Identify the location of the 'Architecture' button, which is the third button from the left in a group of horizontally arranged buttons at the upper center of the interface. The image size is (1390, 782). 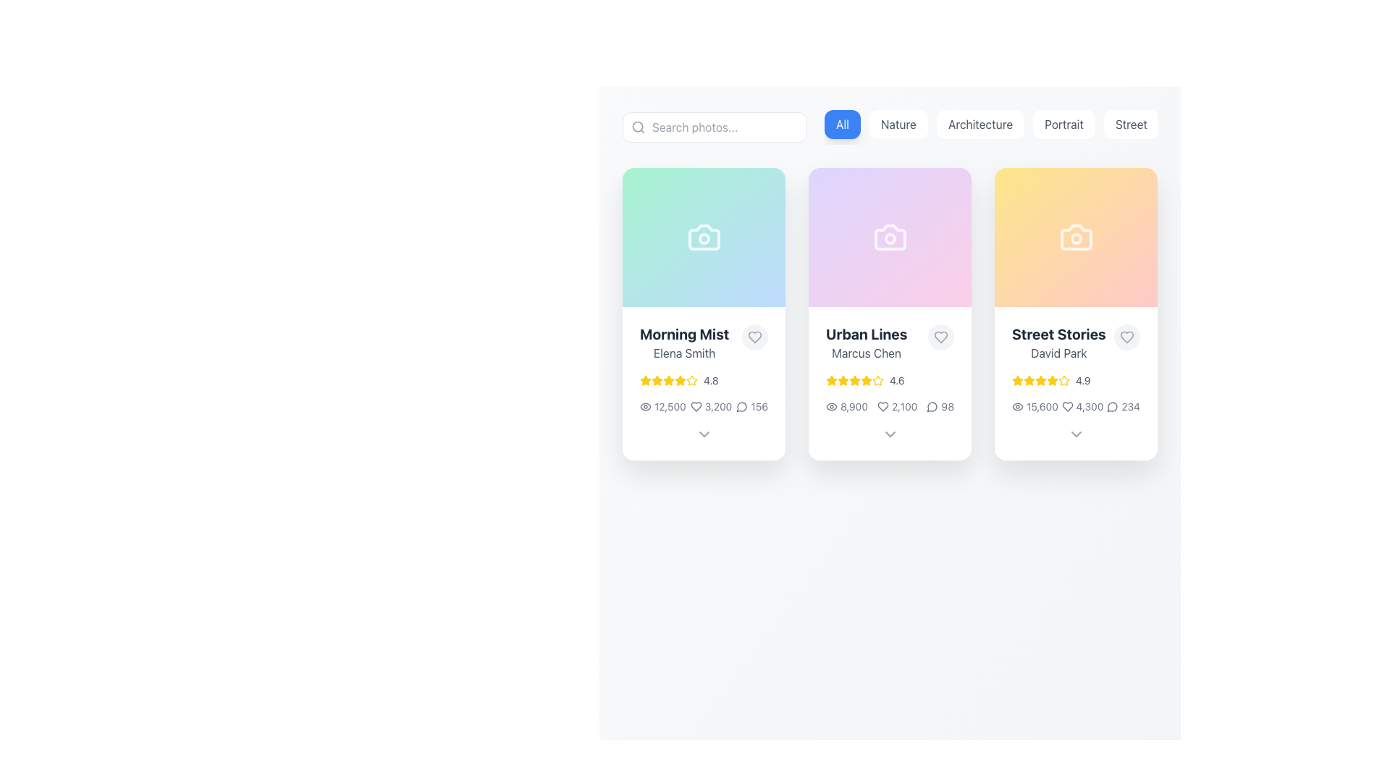
(980, 124).